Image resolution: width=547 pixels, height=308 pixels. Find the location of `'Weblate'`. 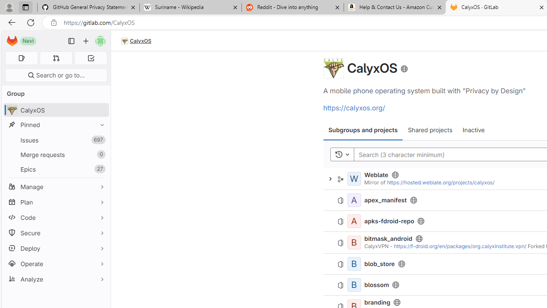

'Weblate' is located at coordinates (376, 174).